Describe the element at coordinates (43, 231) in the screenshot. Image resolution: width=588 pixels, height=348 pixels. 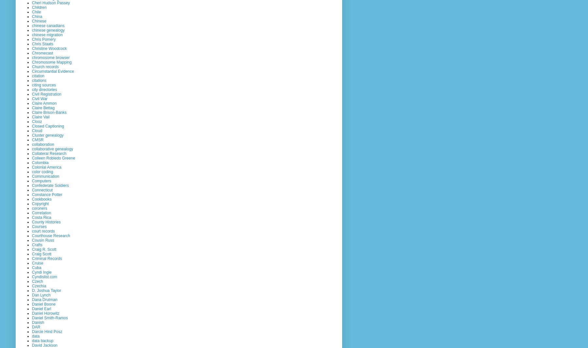
I see `'court records'` at that location.